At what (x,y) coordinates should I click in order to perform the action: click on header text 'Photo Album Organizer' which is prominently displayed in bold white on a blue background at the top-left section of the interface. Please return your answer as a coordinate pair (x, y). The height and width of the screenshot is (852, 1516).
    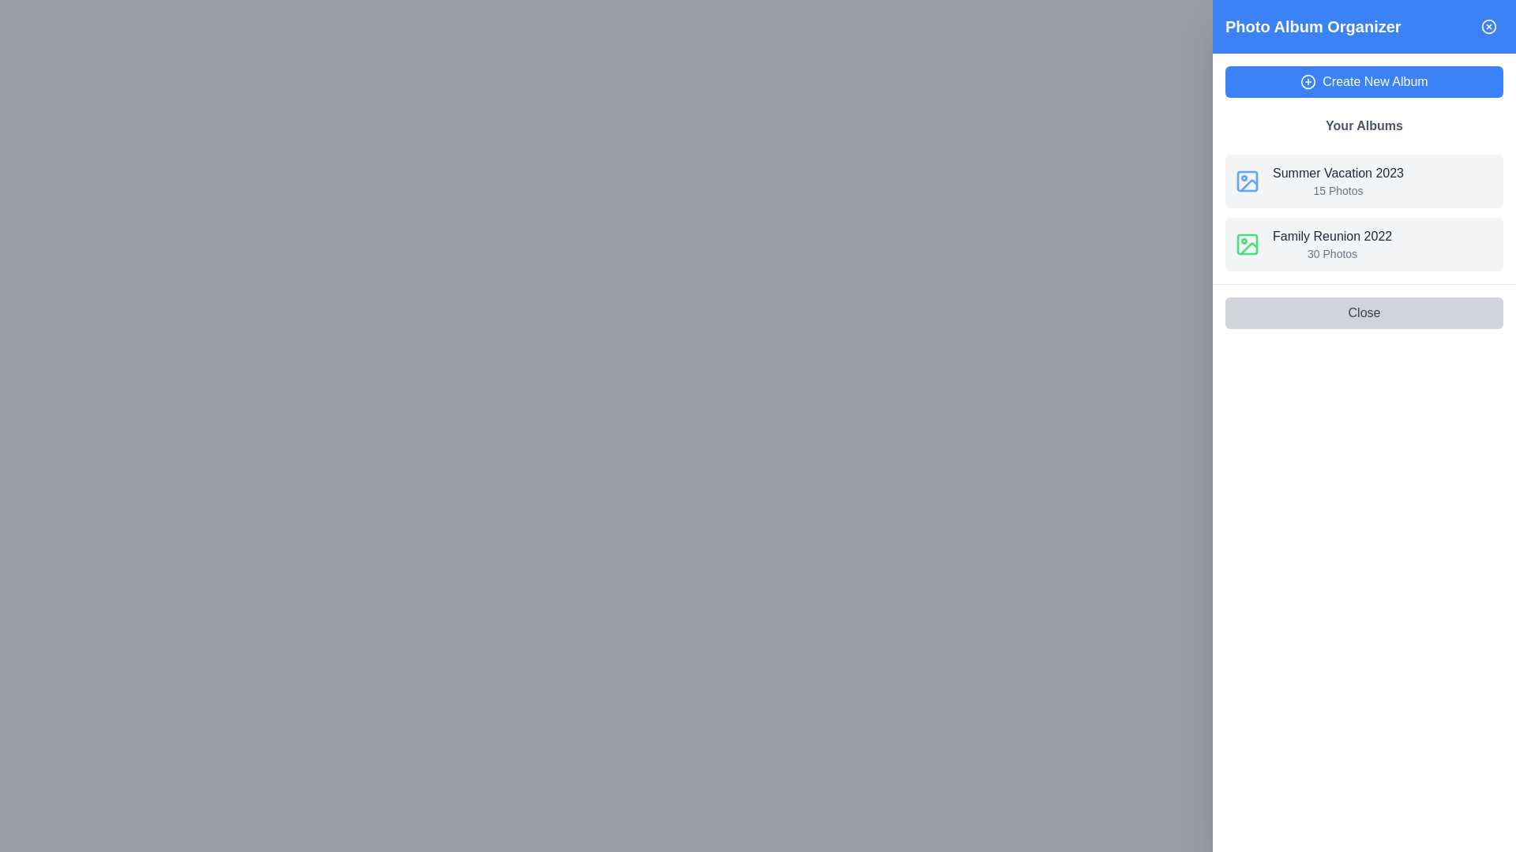
    Looking at the image, I should click on (1313, 27).